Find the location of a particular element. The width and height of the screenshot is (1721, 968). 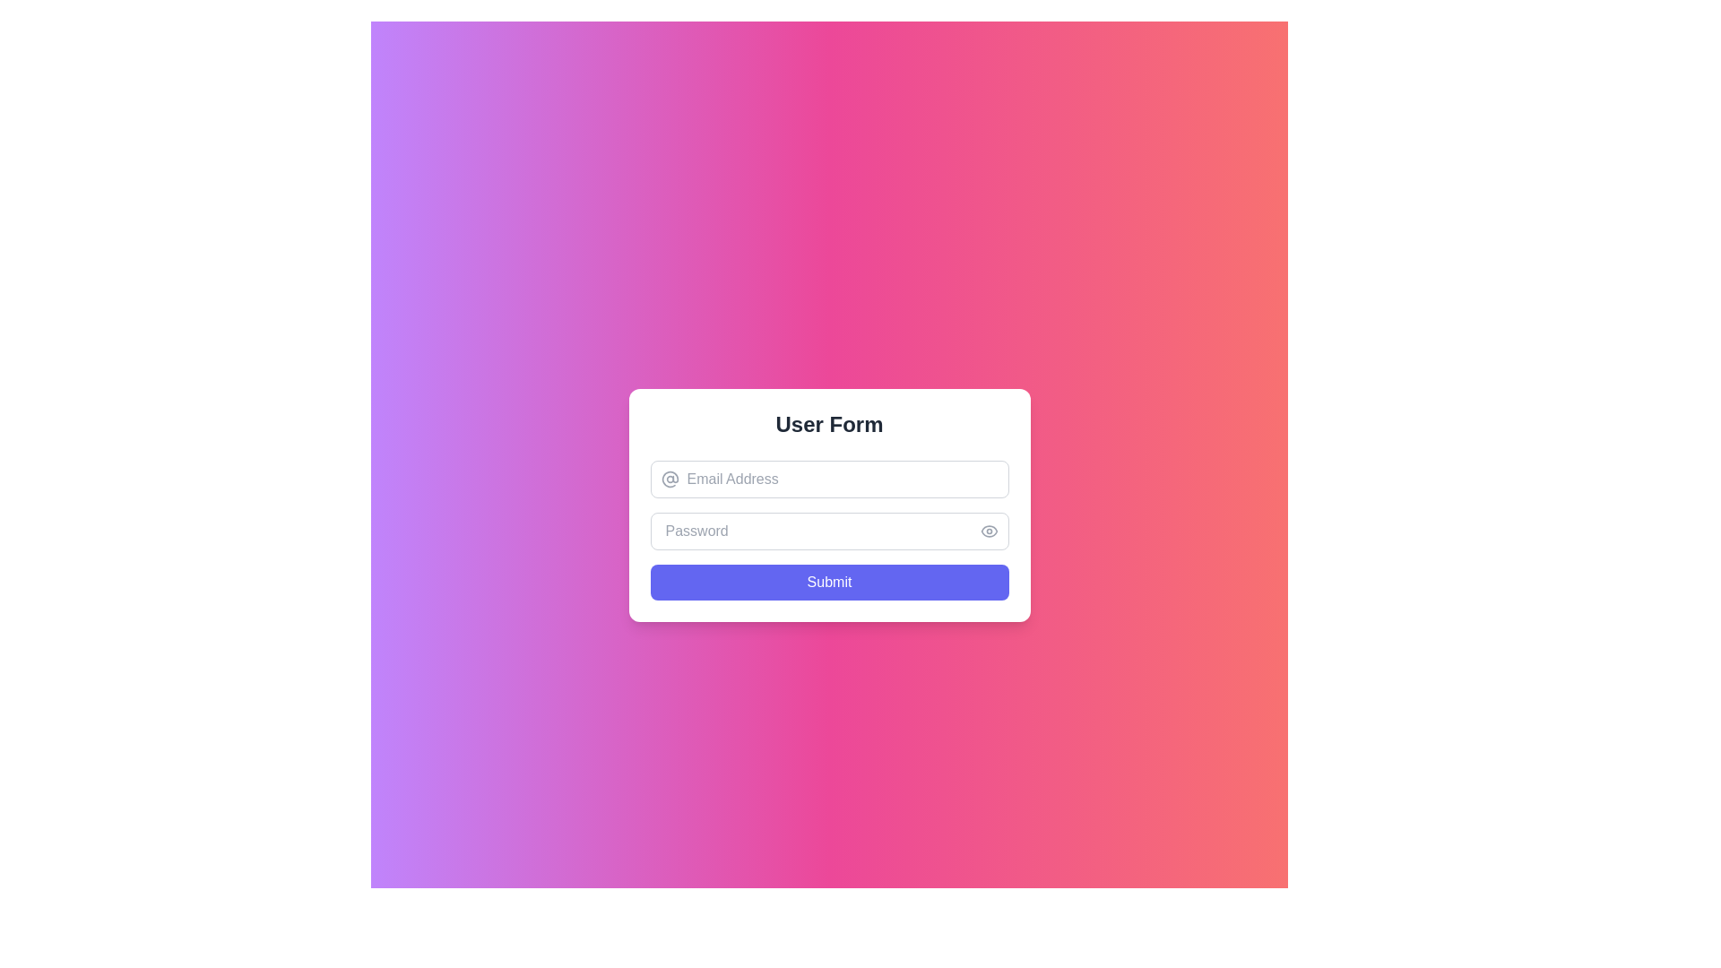

the button located at the right side of the password input field is located at coordinates (988, 531).